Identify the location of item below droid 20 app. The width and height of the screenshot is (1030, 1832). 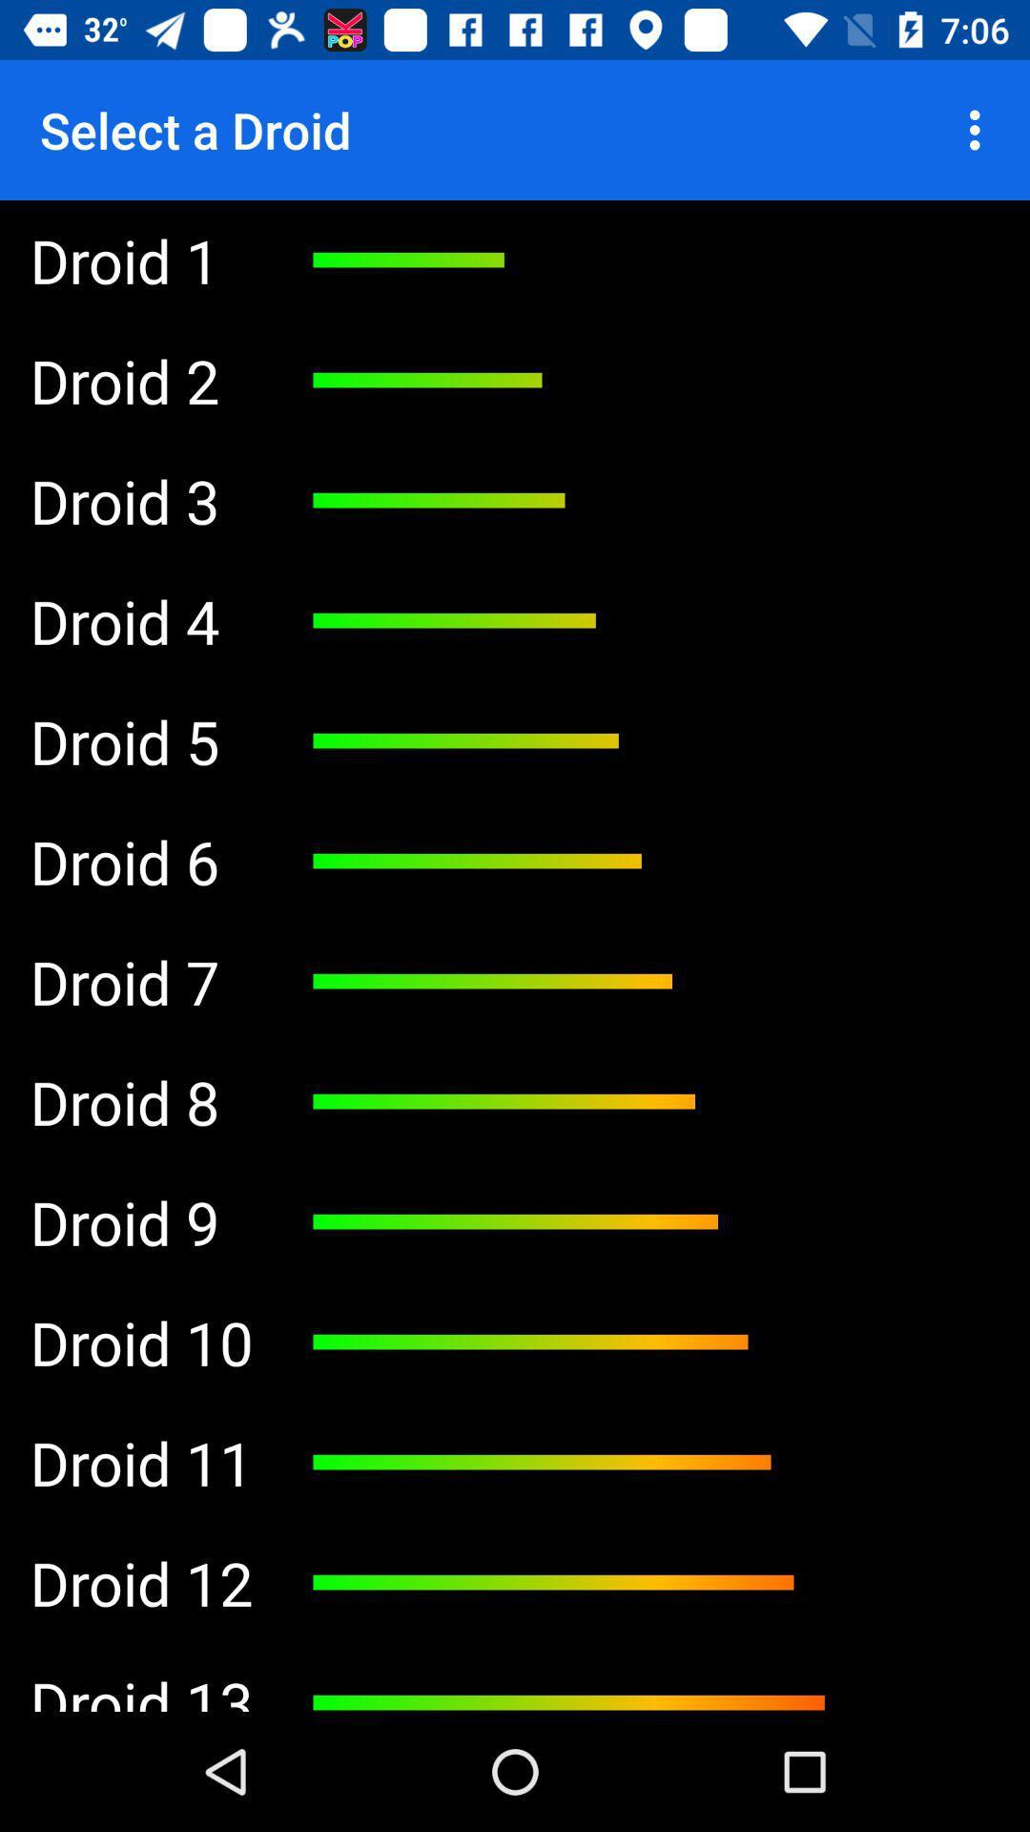
(140, 1222).